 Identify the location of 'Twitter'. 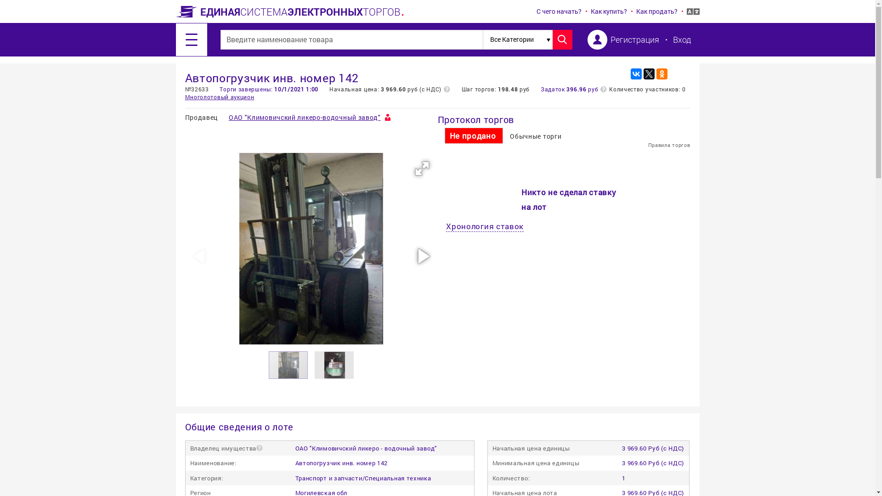
(643, 73).